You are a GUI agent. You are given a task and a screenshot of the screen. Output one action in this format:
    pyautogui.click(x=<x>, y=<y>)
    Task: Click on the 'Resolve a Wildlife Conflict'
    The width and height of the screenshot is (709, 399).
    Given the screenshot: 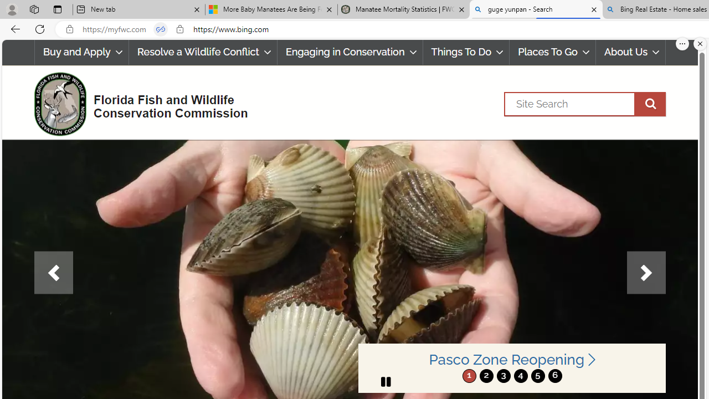 What is the action you would take?
    pyautogui.click(x=203, y=52)
    